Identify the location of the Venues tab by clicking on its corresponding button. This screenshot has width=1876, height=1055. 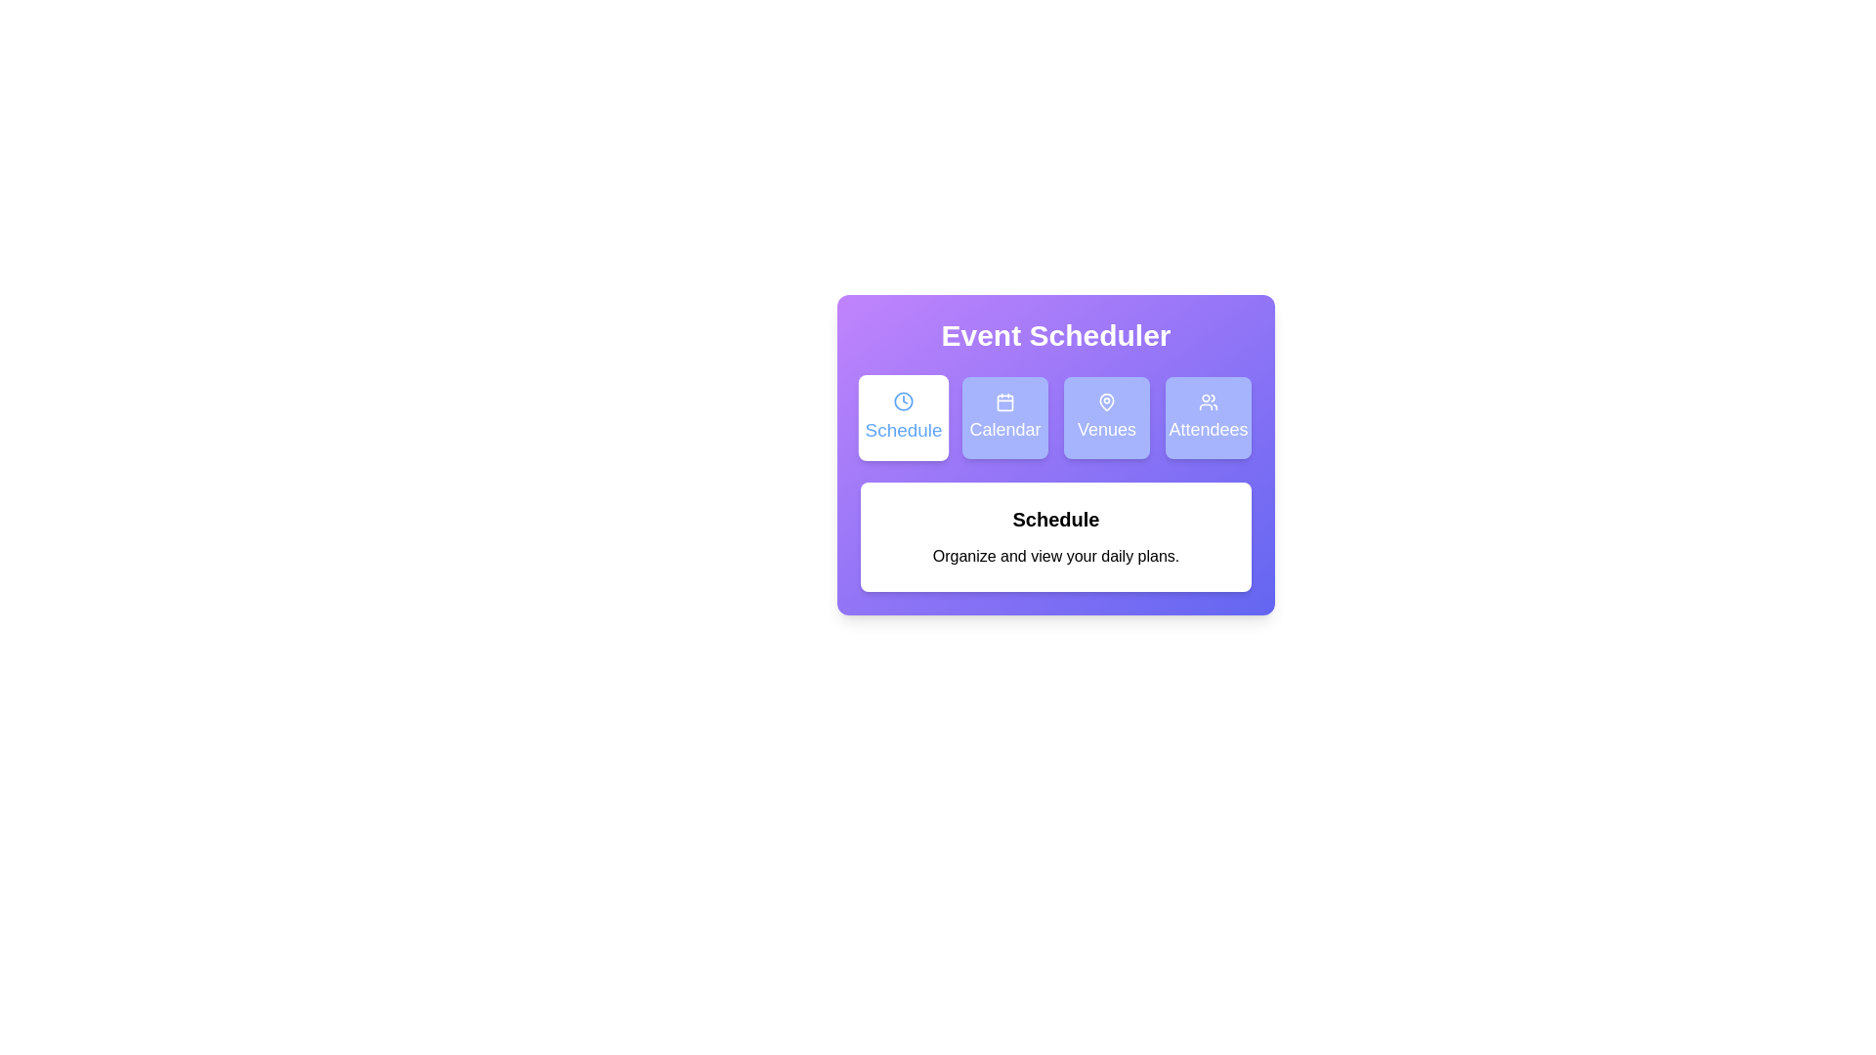
(1106, 417).